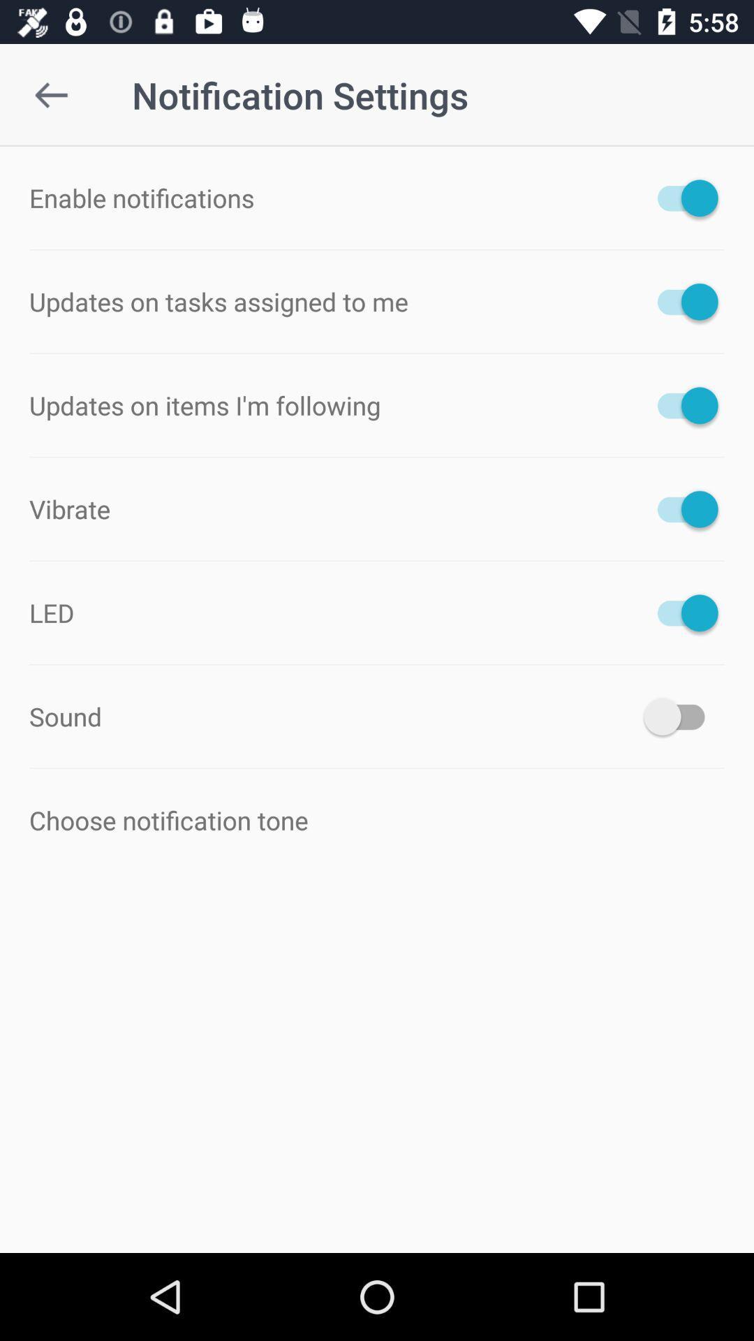  Describe the element at coordinates (680, 508) in the screenshot. I see `toggles vibrate option` at that location.